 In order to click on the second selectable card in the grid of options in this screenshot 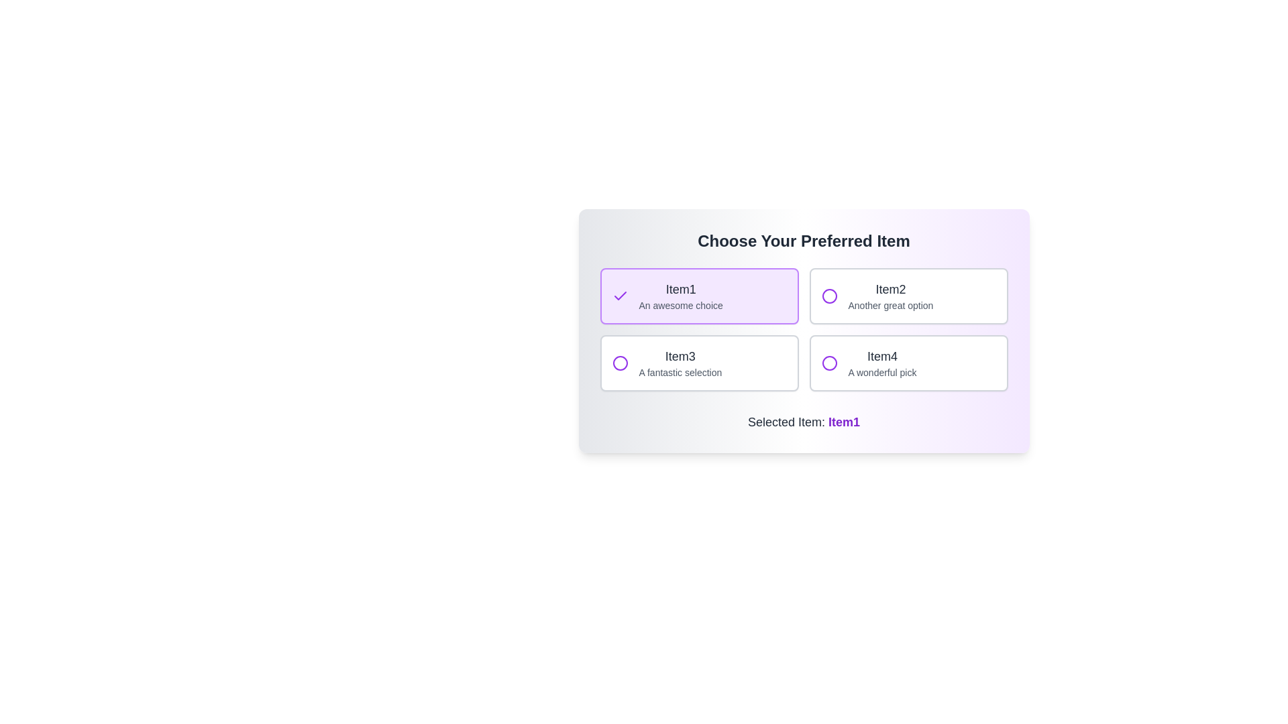, I will do `click(890, 296)`.